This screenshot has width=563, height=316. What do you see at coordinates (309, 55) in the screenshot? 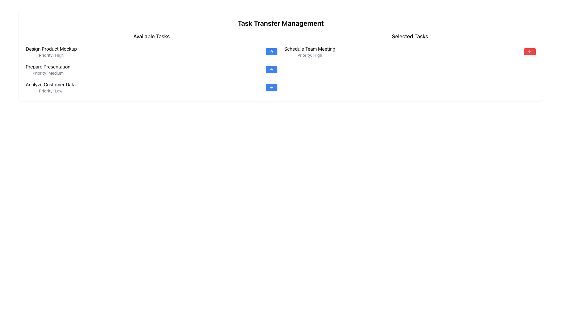
I see `the text label displaying 'Priority: High', which is located below the 'Schedule Team Meeting' text in the 'Selected Tasks' section` at bounding box center [309, 55].